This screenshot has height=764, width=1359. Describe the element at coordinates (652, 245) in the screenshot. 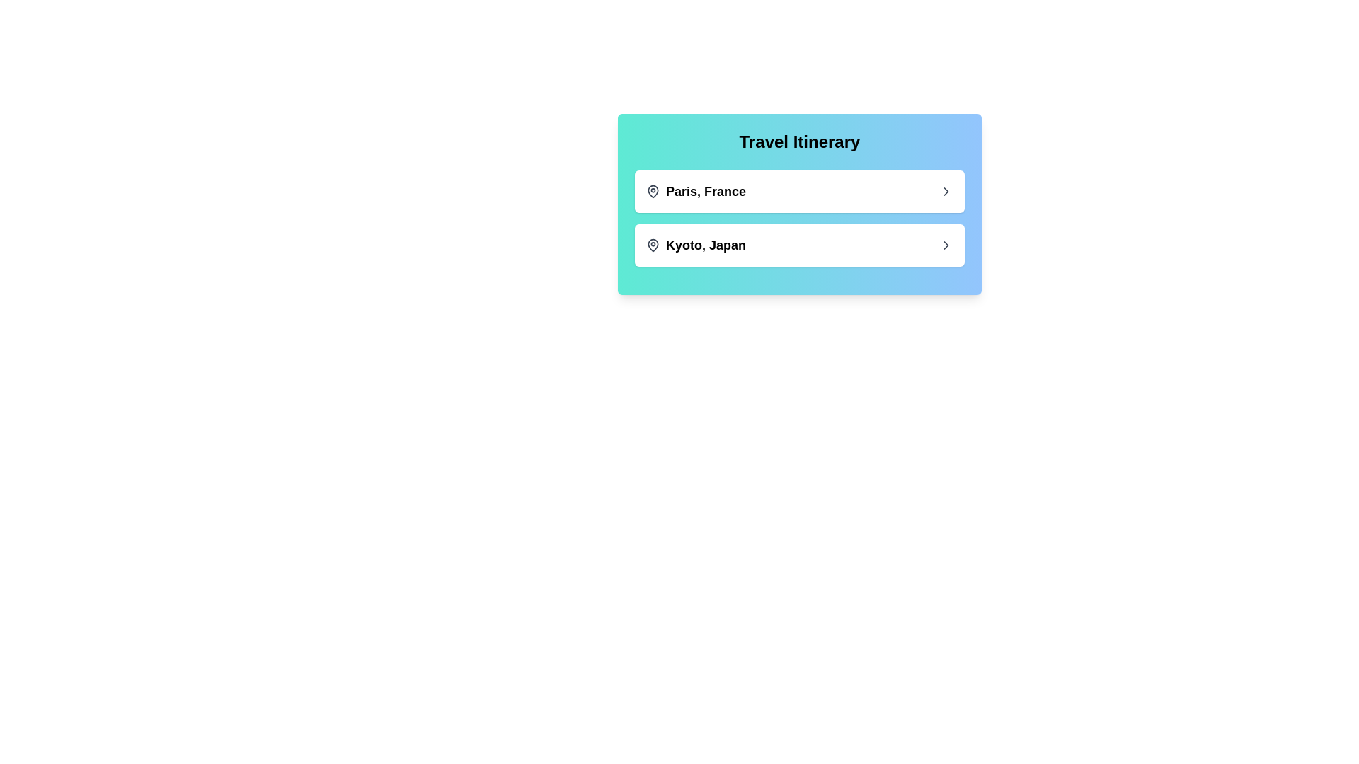

I see `the dark gray map pin icon located to the left of the text 'Kyoto, Japan'` at that location.